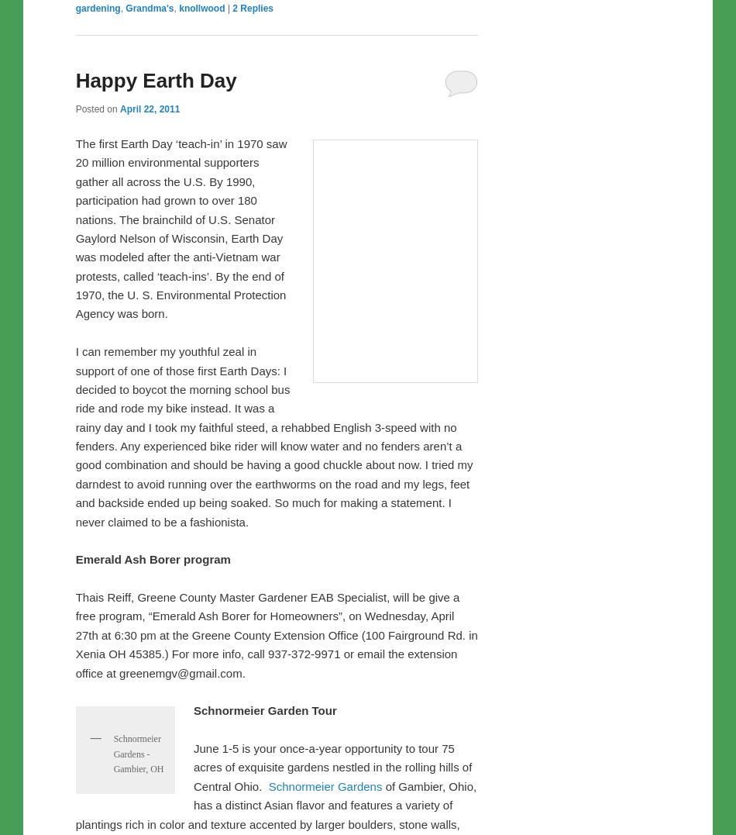 The width and height of the screenshot is (736, 835). Describe the element at coordinates (123, 236) in the screenshot. I see `'Facebook'` at that location.